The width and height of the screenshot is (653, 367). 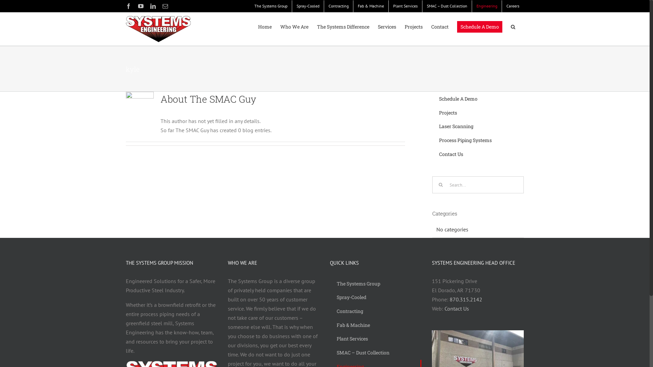 I want to click on 'LinkedIn', so click(x=153, y=6).